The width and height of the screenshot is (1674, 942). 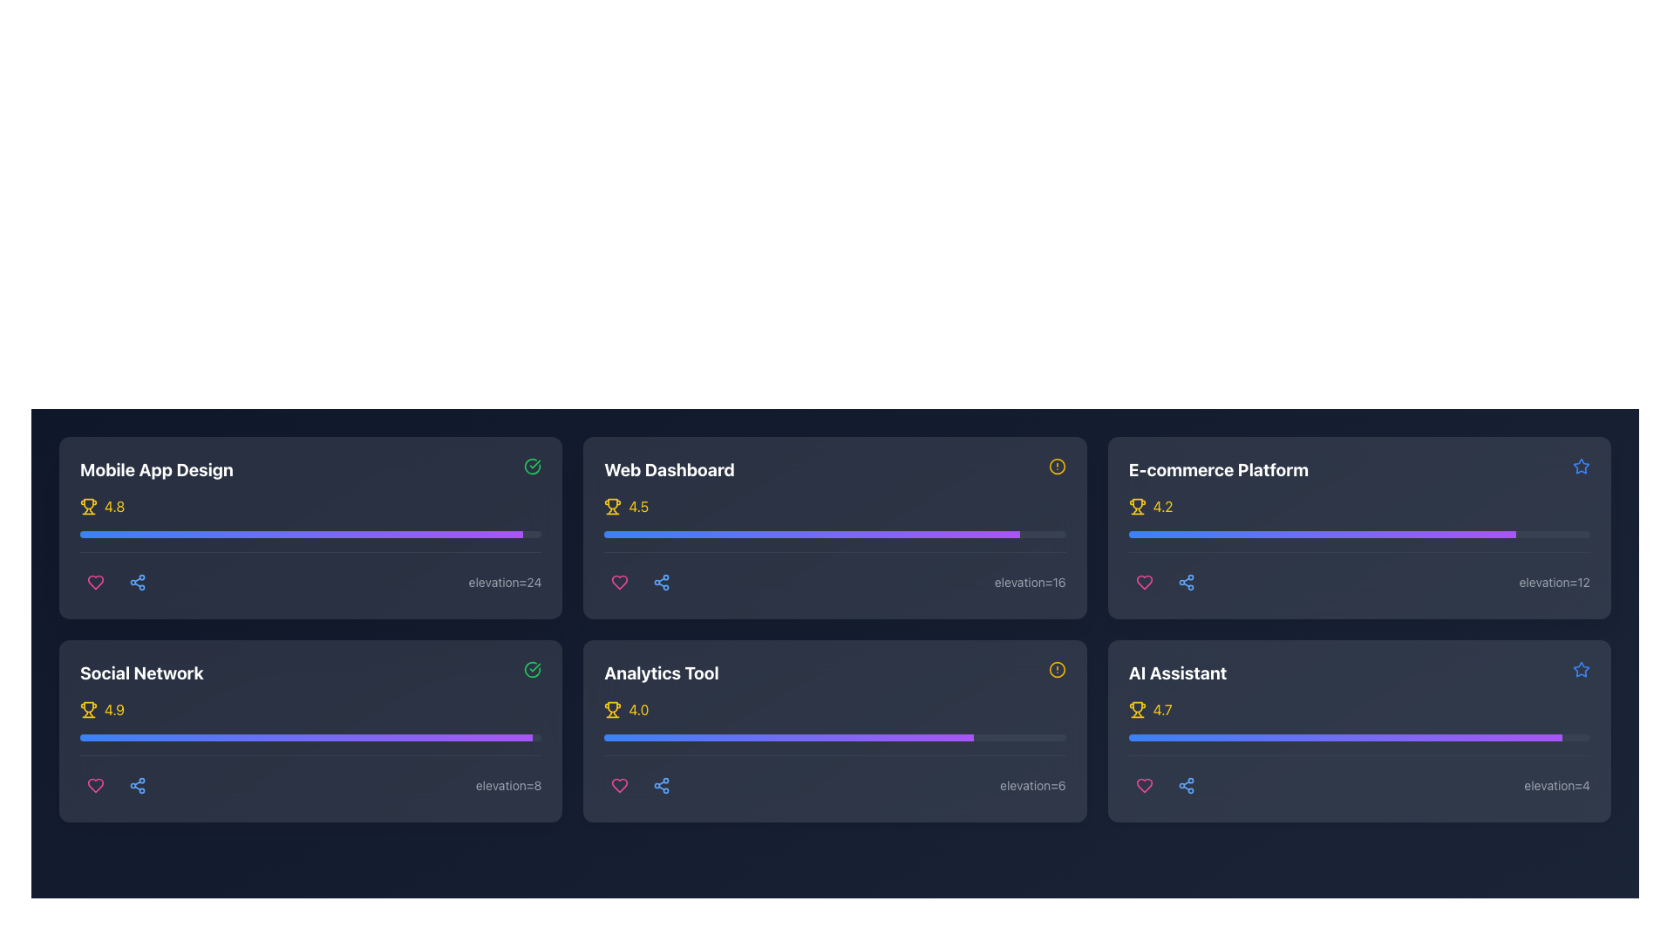 I want to click on the share button located at the bottom-right corner of the 'Analytics Tool' card, which is next to a heart-shaped button, so click(x=661, y=786).